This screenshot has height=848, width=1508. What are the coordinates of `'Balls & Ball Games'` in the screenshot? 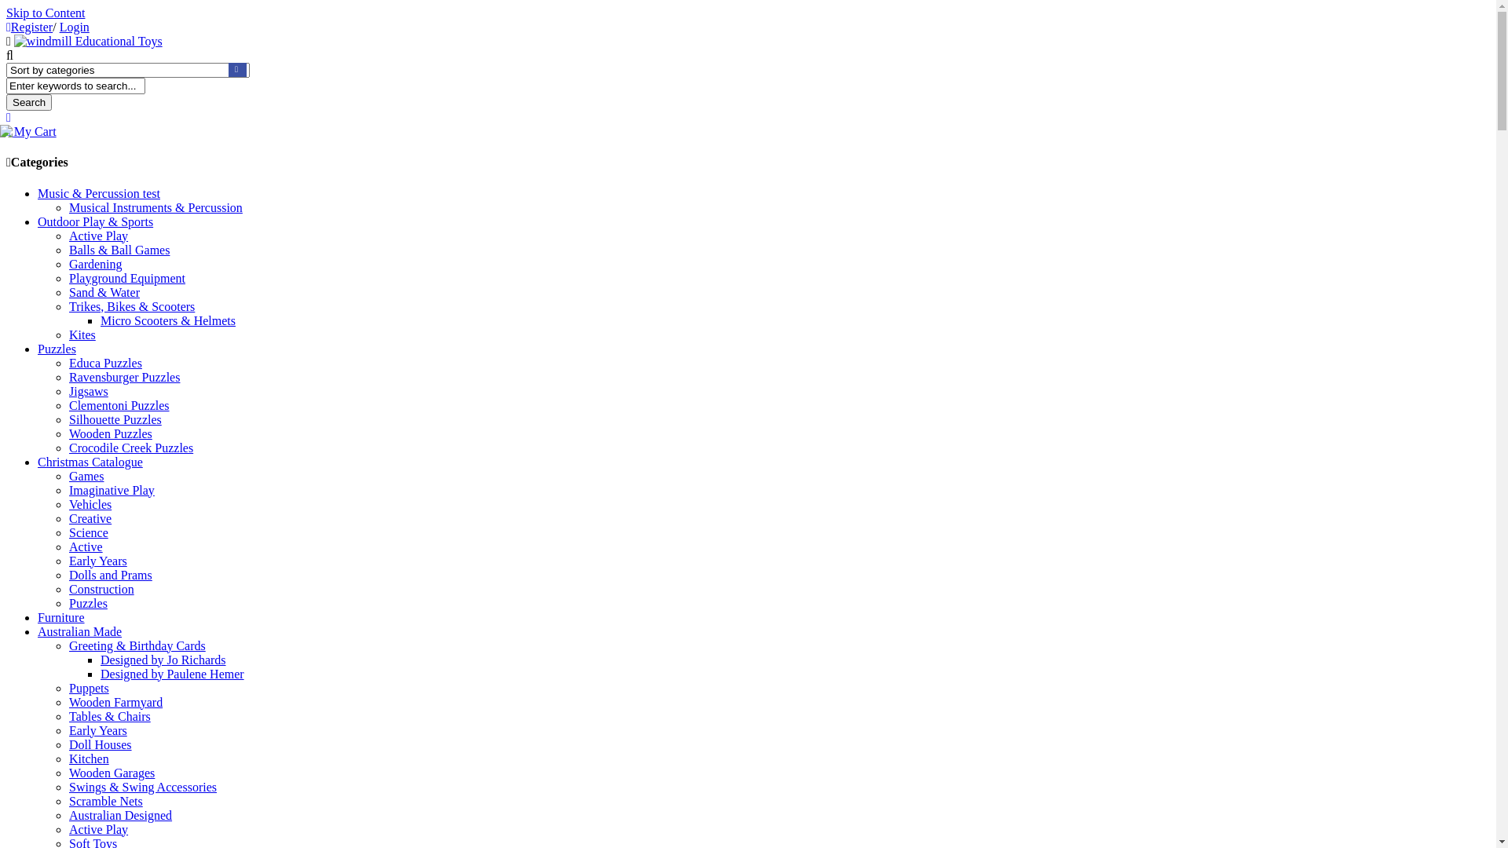 It's located at (119, 249).